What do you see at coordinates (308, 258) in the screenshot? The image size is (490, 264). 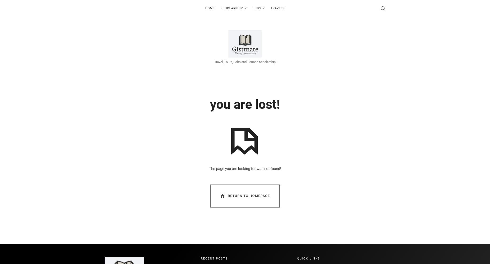 I see `'Quick Links'` at bounding box center [308, 258].